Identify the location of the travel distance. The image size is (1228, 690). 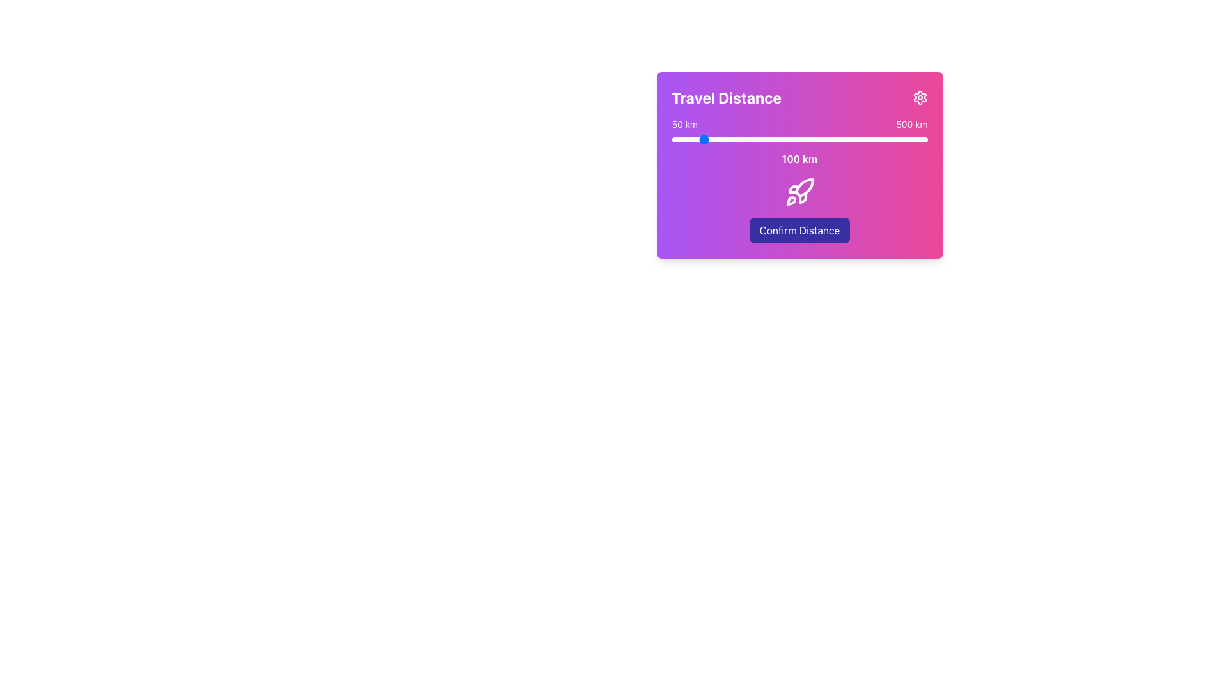
(876, 140).